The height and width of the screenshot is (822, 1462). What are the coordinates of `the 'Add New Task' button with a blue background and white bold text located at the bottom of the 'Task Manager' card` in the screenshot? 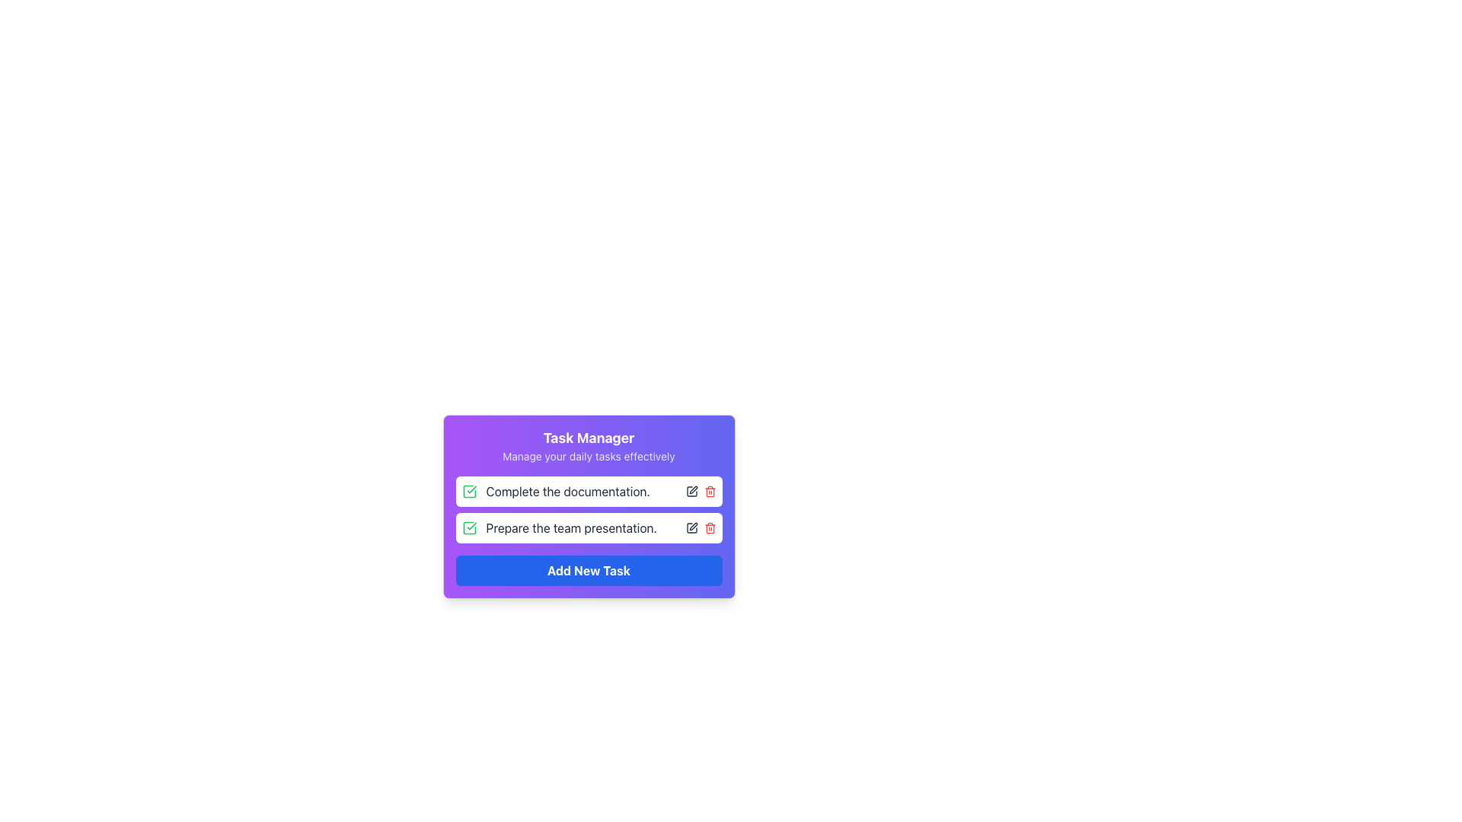 It's located at (588, 570).